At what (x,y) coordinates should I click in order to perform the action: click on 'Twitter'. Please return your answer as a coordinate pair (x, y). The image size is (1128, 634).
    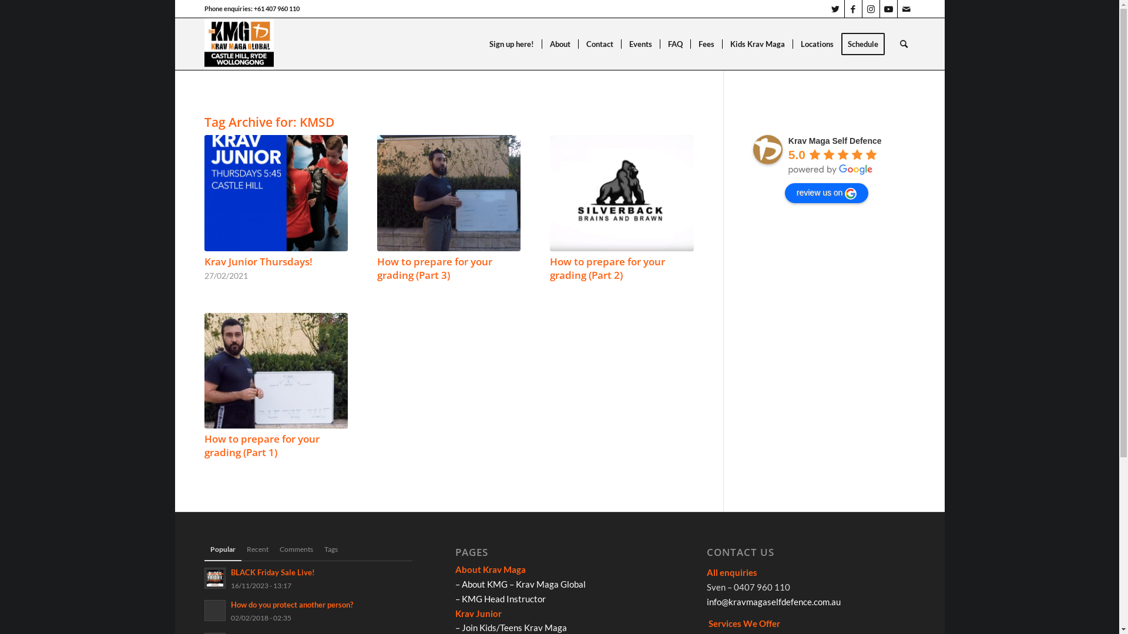
    Looking at the image, I should click on (835, 9).